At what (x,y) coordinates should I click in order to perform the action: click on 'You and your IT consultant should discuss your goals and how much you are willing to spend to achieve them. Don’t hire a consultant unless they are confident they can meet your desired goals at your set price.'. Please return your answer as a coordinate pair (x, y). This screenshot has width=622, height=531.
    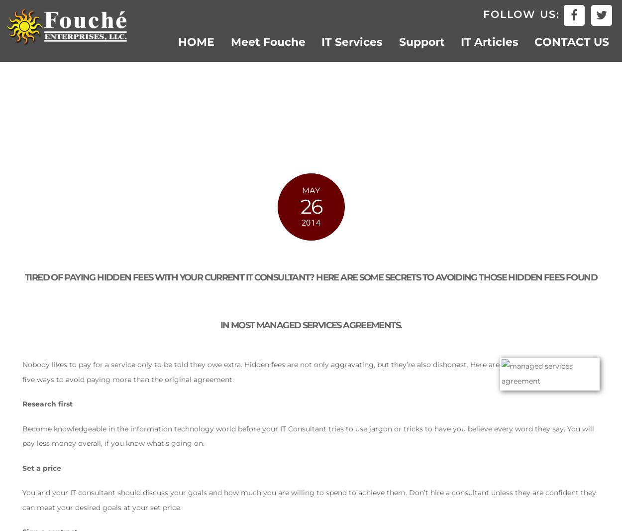
    Looking at the image, I should click on (309, 499).